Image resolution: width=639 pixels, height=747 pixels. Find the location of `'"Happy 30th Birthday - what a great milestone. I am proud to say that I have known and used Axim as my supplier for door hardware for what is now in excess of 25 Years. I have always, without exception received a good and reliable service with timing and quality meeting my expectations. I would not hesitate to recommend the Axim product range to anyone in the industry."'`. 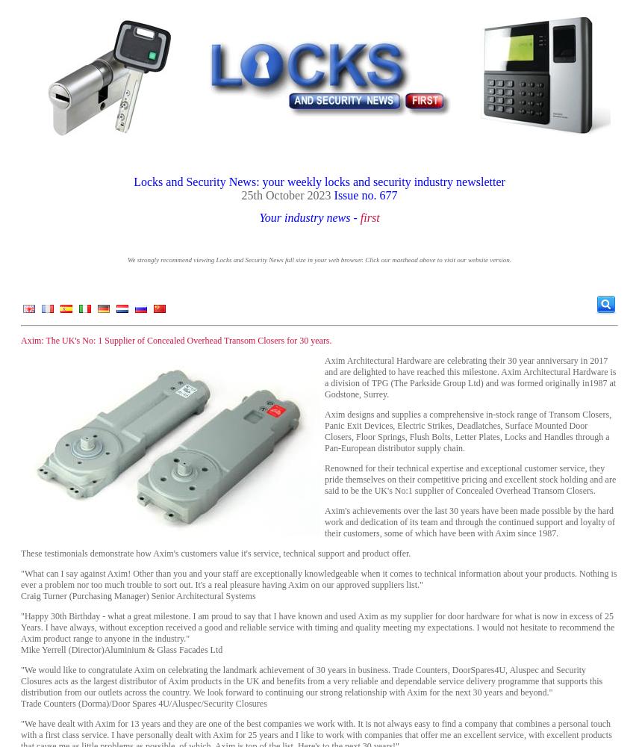

'"Happy 30th Birthday - what a great milestone. I am proud to say that I have known and used Axim as my supplier for door hardware for what is now in excess of 25 Years. I have always, without exception received a good and reliable service with timing and quality meeting my expectations. I would not hesitate to recommend the Axim product range to anyone in the industry."' is located at coordinates (317, 627).